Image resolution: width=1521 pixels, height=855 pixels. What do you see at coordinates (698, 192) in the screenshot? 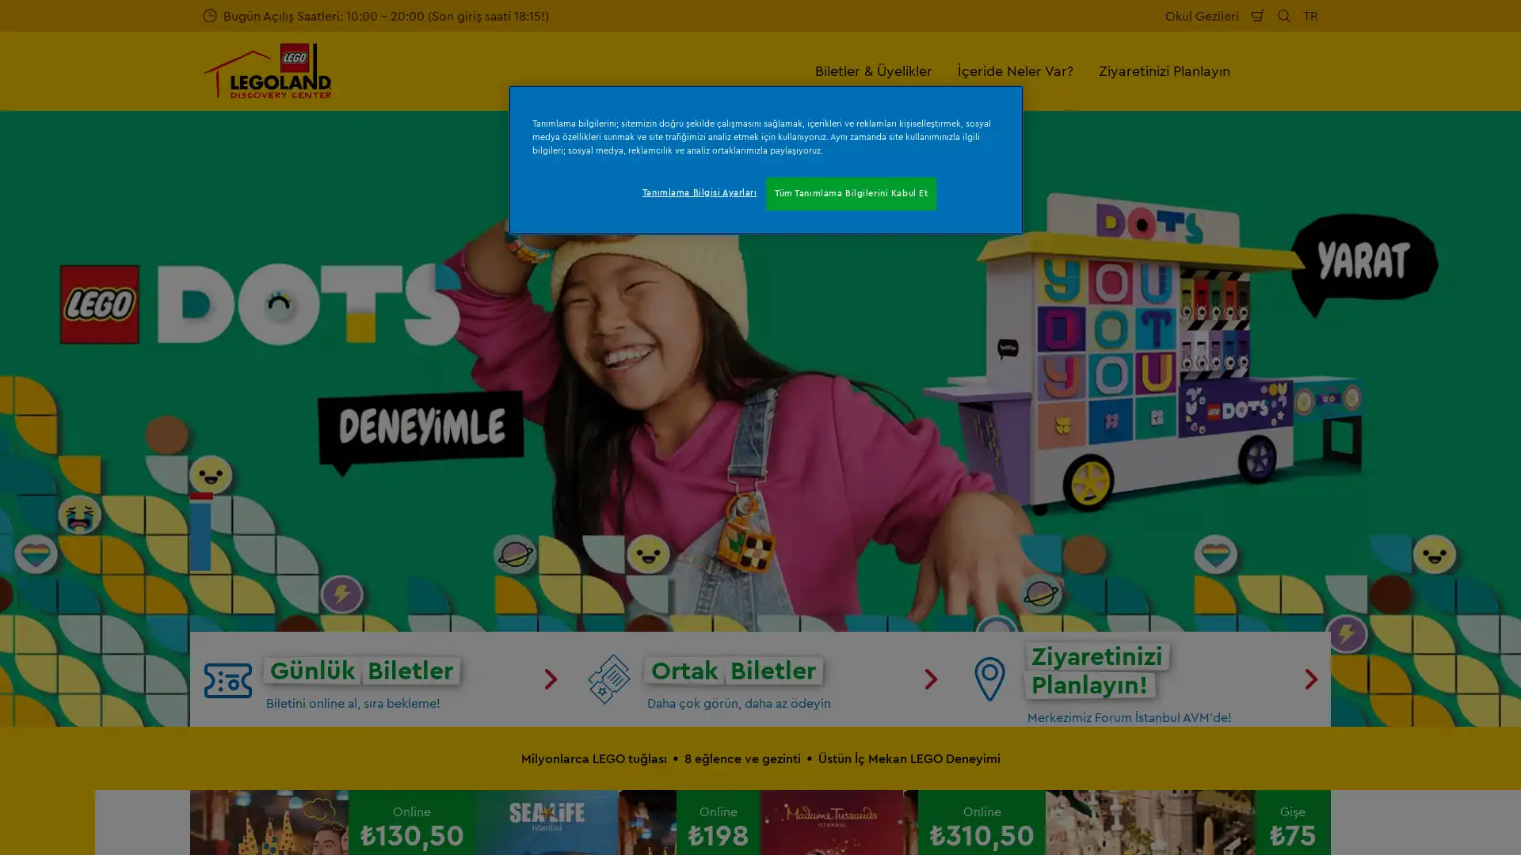
I see `Tanmlama Bilgisi Ayarlar` at bounding box center [698, 192].